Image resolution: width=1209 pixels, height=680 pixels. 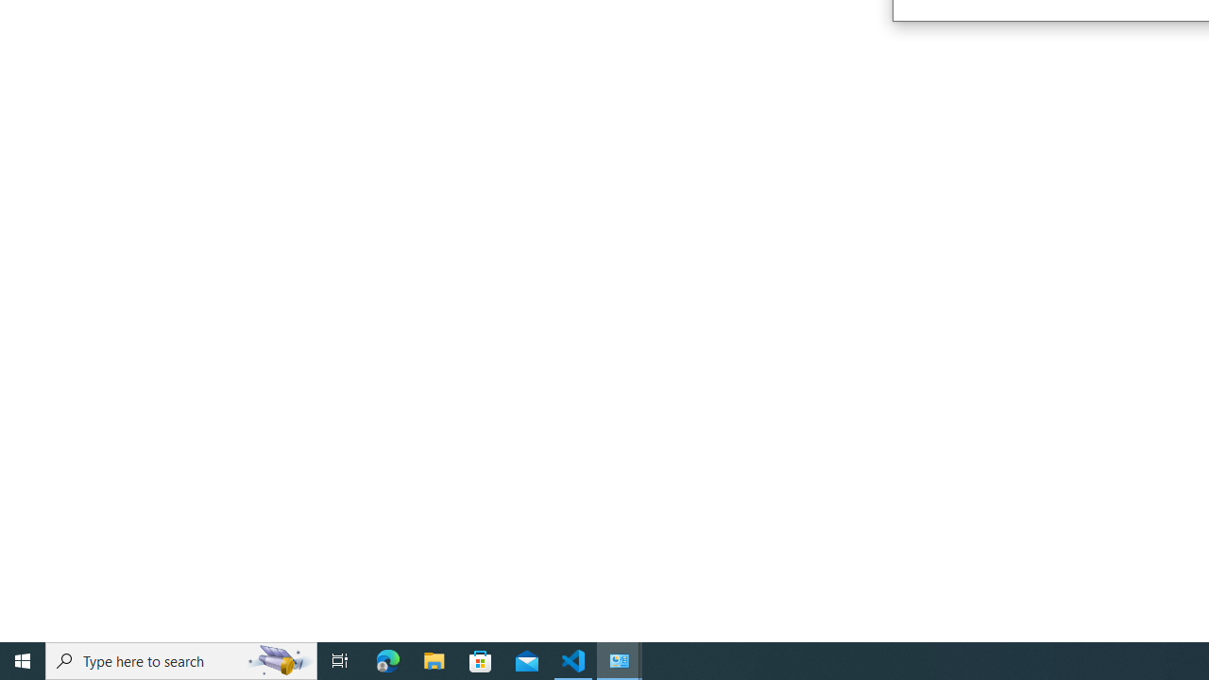 What do you see at coordinates (181, 659) in the screenshot?
I see `'Type here to search'` at bounding box center [181, 659].